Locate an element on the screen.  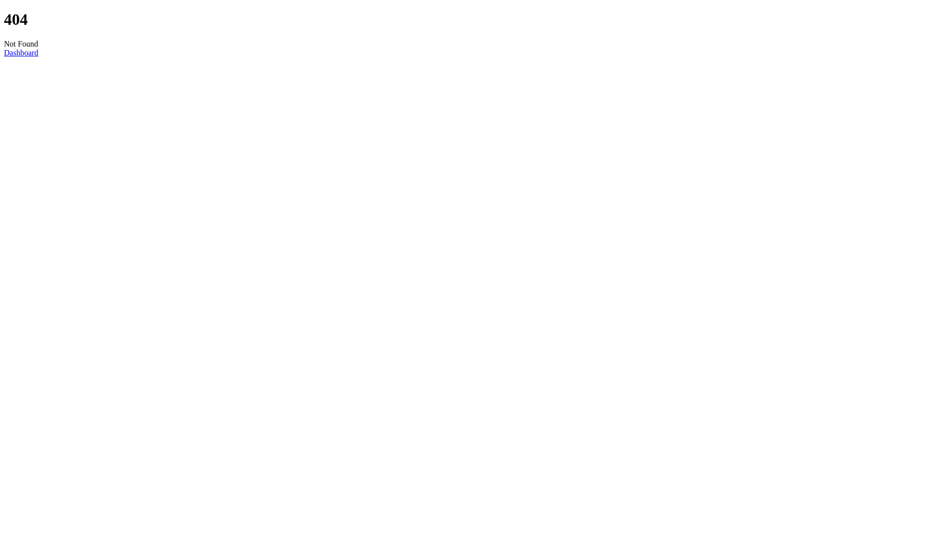
'Dashboard' is located at coordinates (21, 53).